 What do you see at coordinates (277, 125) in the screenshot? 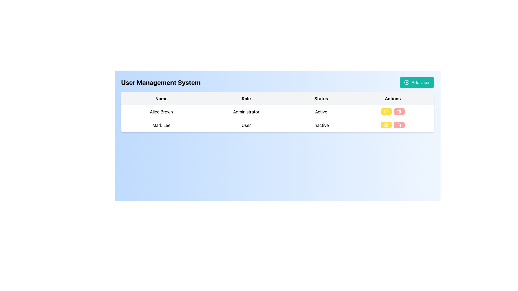
I see `the second row of the user management table containing the name 'Mark Lee', role 'User', a blank section, and status 'Inactive'` at bounding box center [277, 125].